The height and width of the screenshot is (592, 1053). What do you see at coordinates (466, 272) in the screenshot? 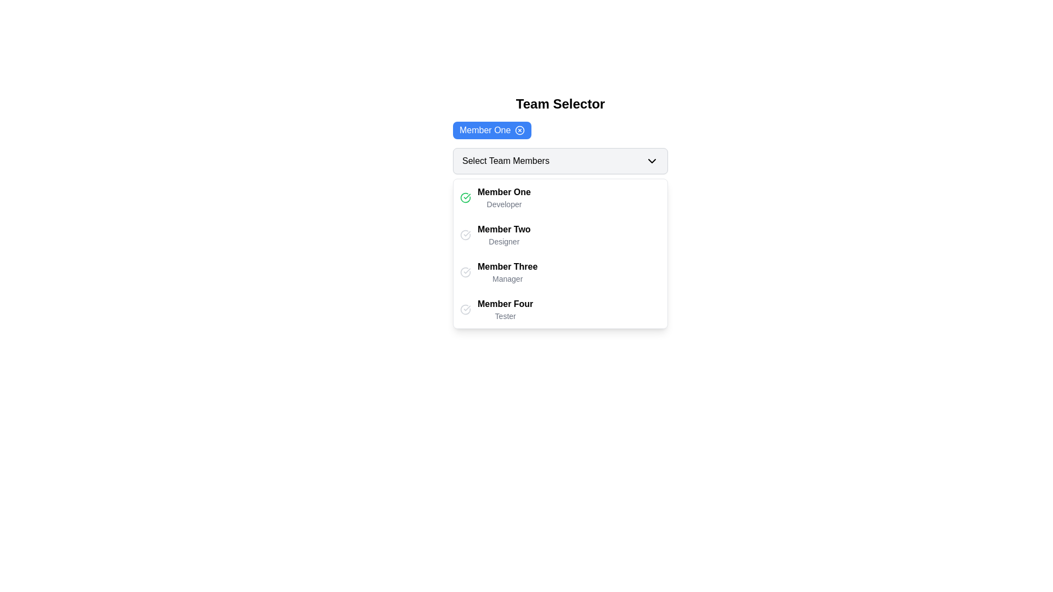
I see `the circular gray icon with an outlined check inside, located in the third item of the dropdown labeled 'Member Three - Manager'` at bounding box center [466, 272].